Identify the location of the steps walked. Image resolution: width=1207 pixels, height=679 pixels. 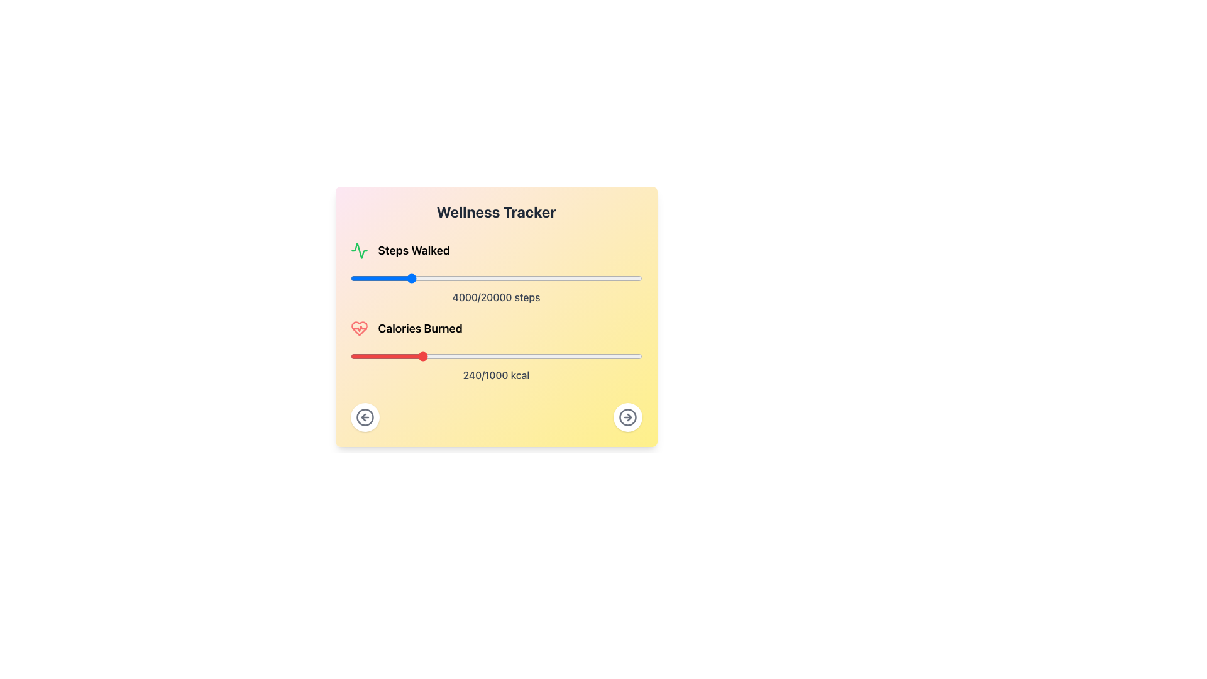
(463, 278).